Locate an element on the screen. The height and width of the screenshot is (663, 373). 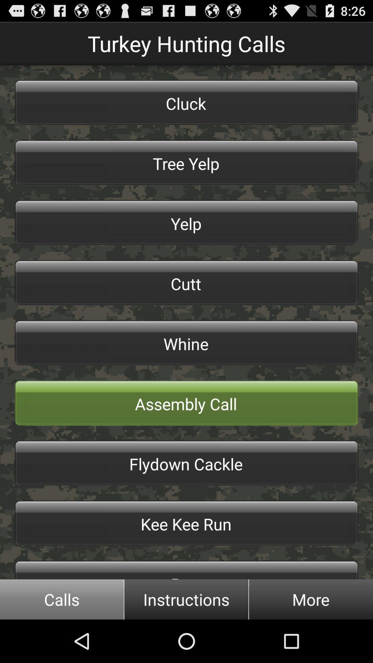
the cutt button is located at coordinates (186, 283).